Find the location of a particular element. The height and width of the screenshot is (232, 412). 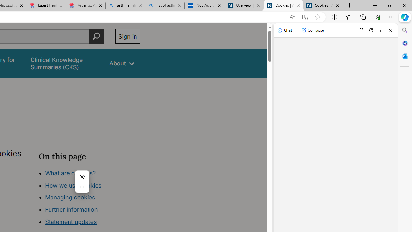

'Enter Immersive Reader (F9)' is located at coordinates (304, 17).